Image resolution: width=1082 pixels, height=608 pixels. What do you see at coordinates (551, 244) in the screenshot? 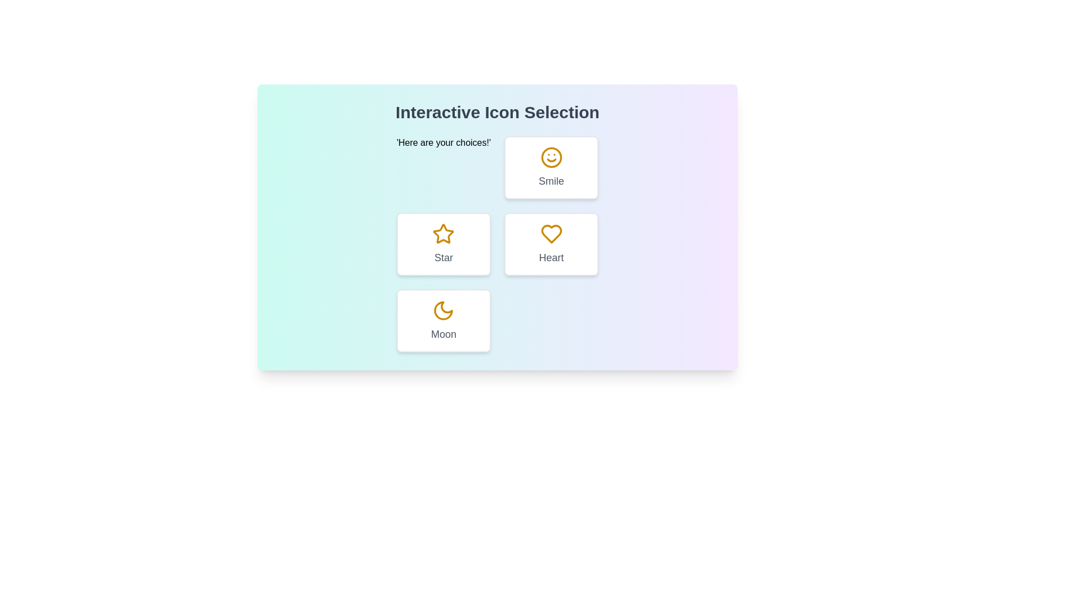
I see `the 'Heart' button, which is a card-like design with a white background, rounded corners, and a prominent yellow heart icon, located in the grid of interactive cards titled 'Here are your choices!'` at bounding box center [551, 244].